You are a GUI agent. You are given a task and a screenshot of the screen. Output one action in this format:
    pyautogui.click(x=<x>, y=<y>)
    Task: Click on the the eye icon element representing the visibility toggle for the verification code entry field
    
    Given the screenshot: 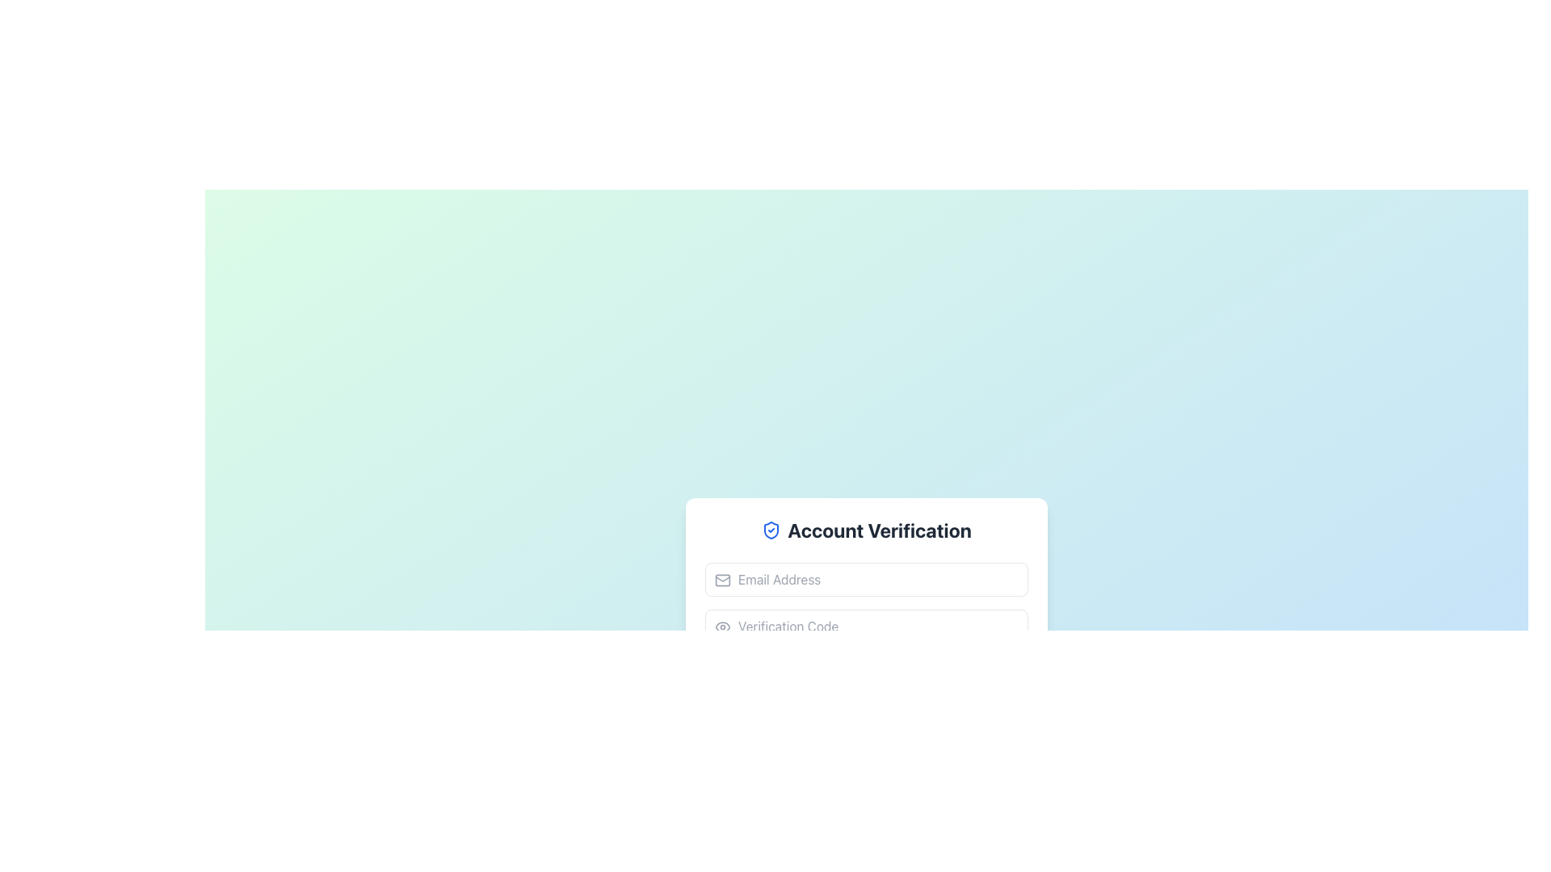 What is the action you would take?
    pyautogui.click(x=721, y=626)
    